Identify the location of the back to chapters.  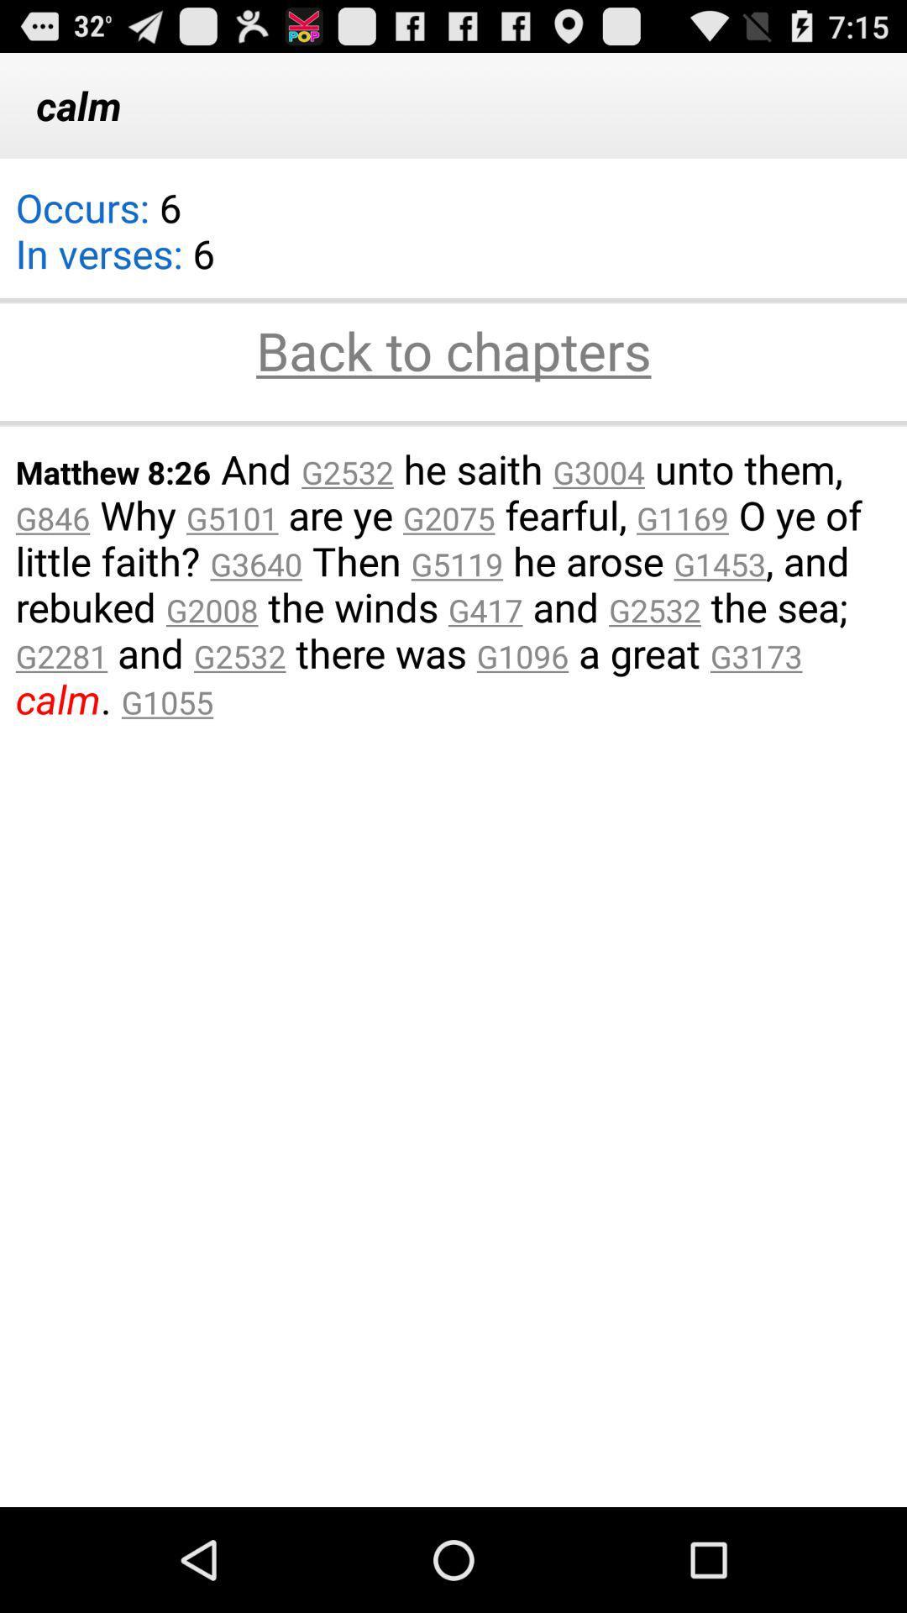
(453, 352).